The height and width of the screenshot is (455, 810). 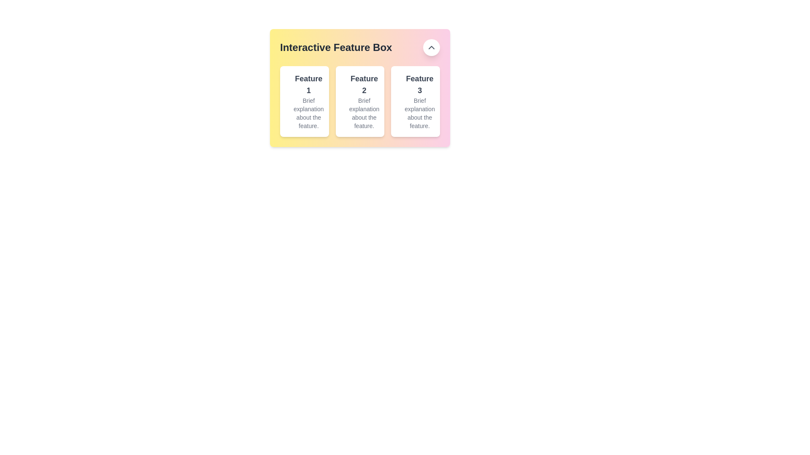 I want to click on the second card in the 'Interactive Feature Box' that displays details about the second feature in the series, so click(x=360, y=88).